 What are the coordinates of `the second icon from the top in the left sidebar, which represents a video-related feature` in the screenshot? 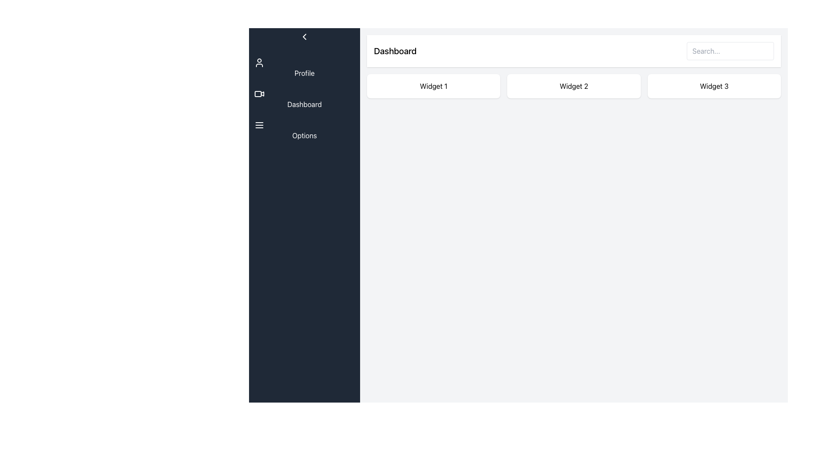 It's located at (262, 94).